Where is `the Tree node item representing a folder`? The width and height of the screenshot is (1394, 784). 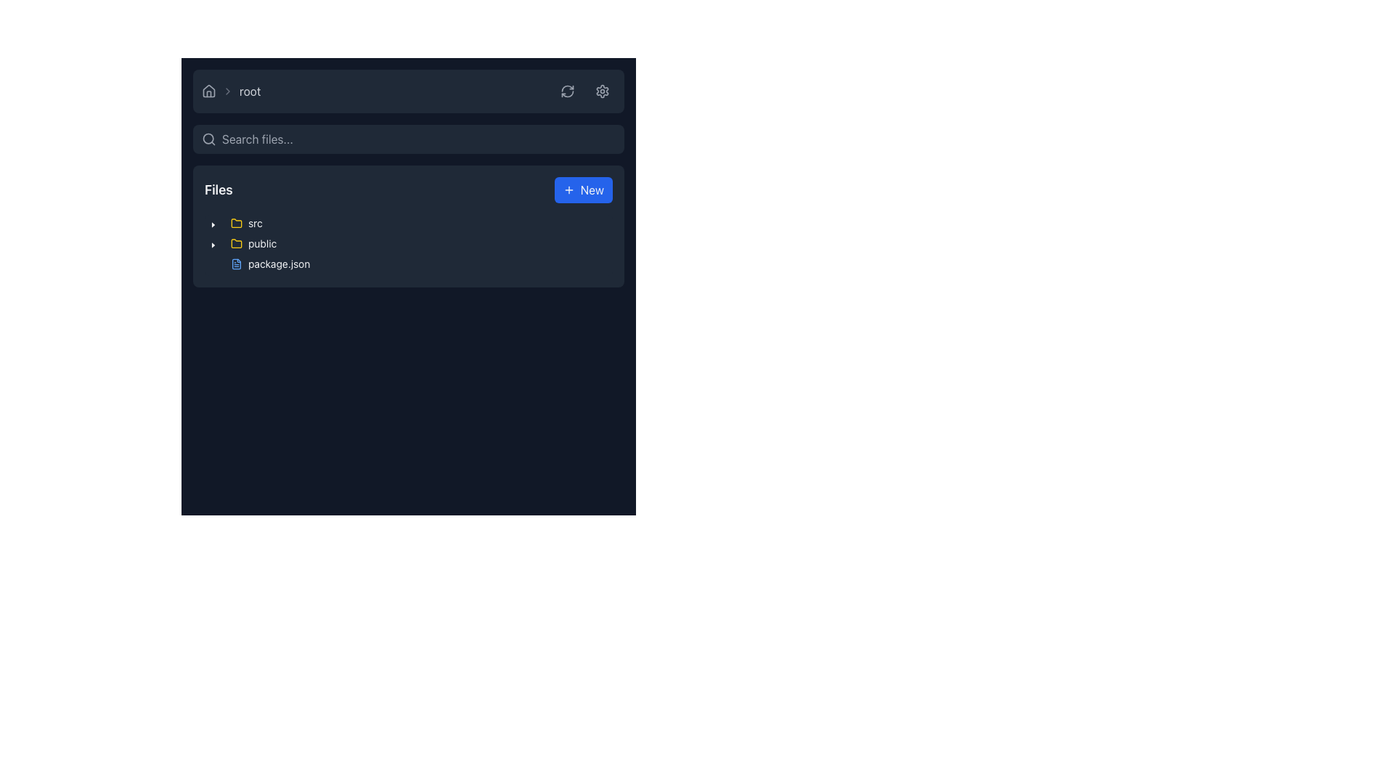 the Tree node item representing a folder is located at coordinates (253, 242).